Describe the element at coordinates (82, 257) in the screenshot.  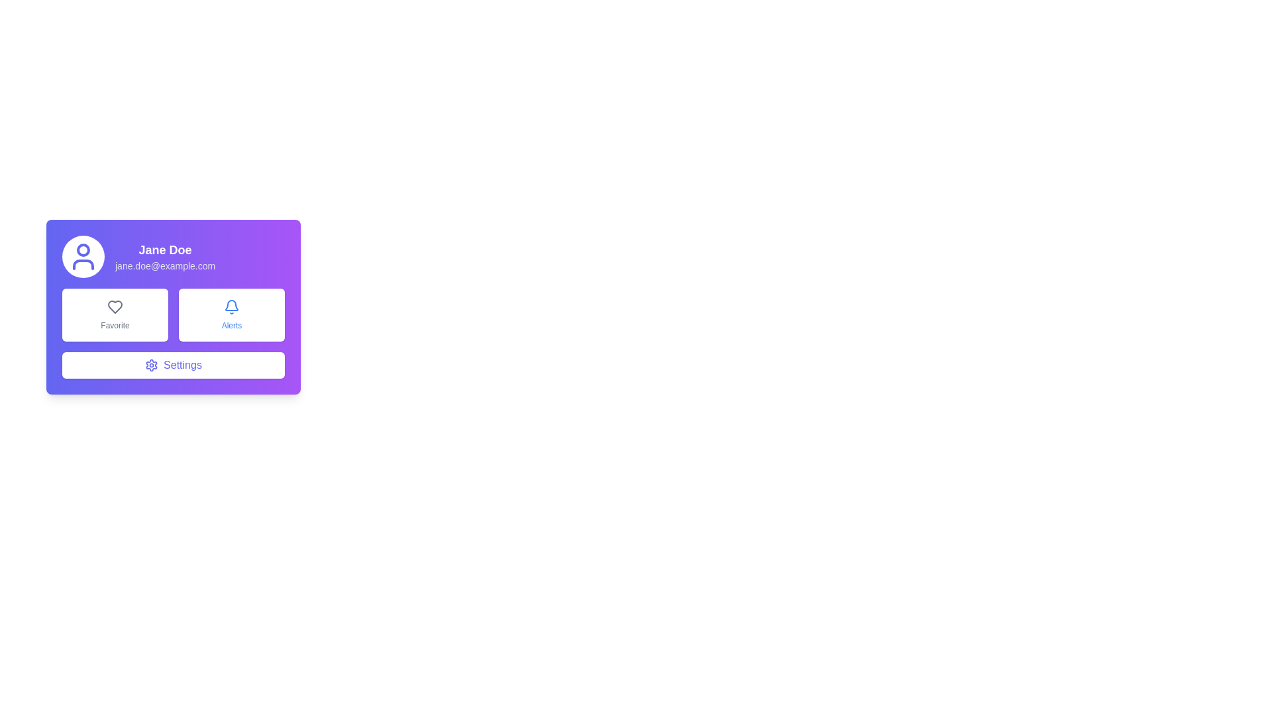
I see `the Icon Button located at the leftmost position of the user profile card` at that location.